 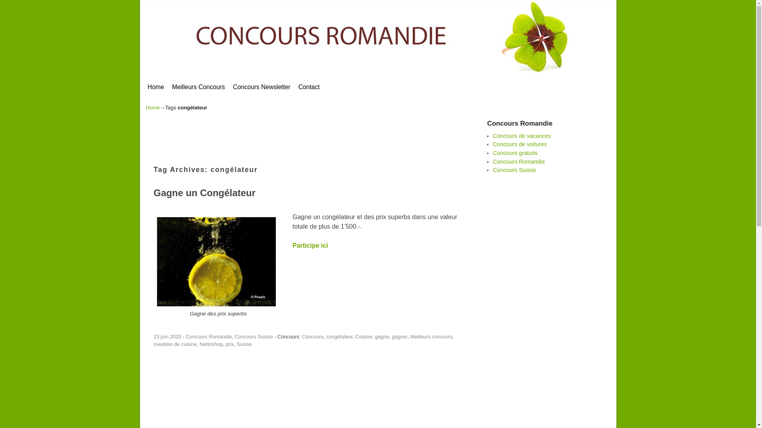 What do you see at coordinates (399, 336) in the screenshot?
I see `'gagner'` at bounding box center [399, 336].